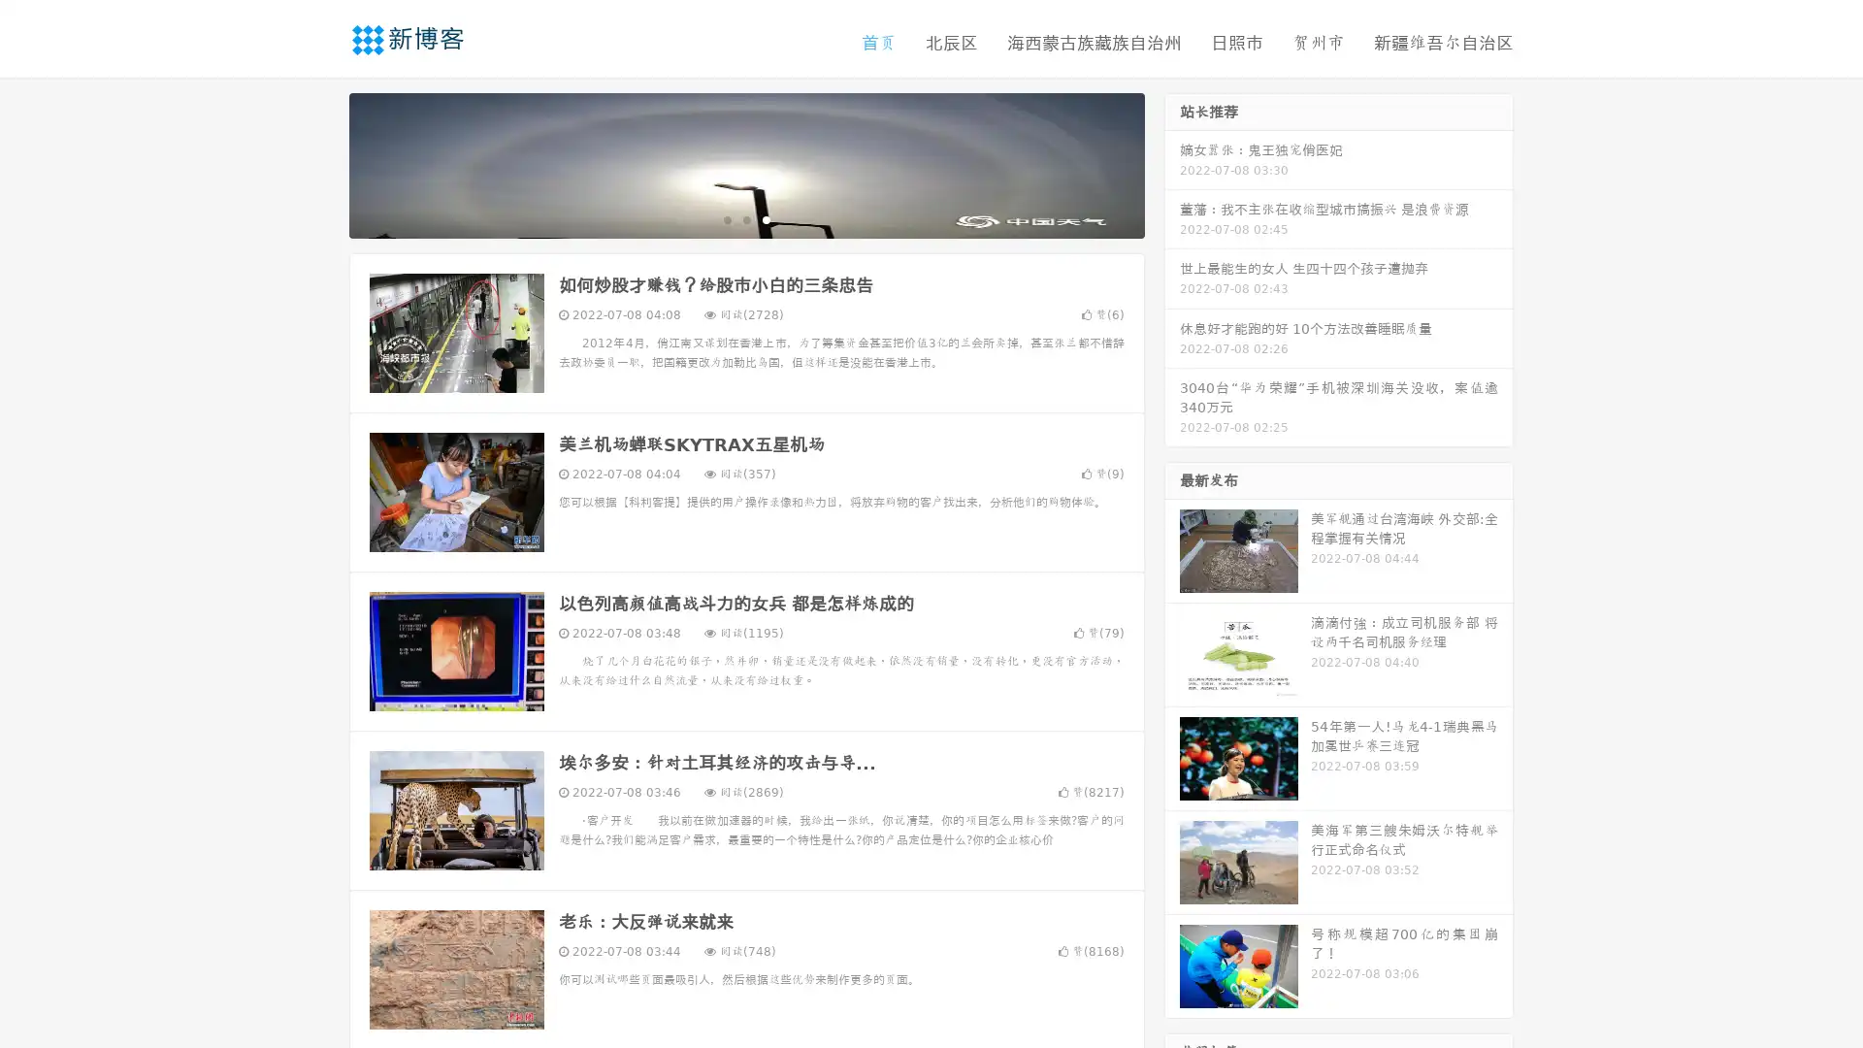 The height and width of the screenshot is (1048, 1863). Describe the element at coordinates (766, 218) in the screenshot. I see `Go to slide 3` at that location.